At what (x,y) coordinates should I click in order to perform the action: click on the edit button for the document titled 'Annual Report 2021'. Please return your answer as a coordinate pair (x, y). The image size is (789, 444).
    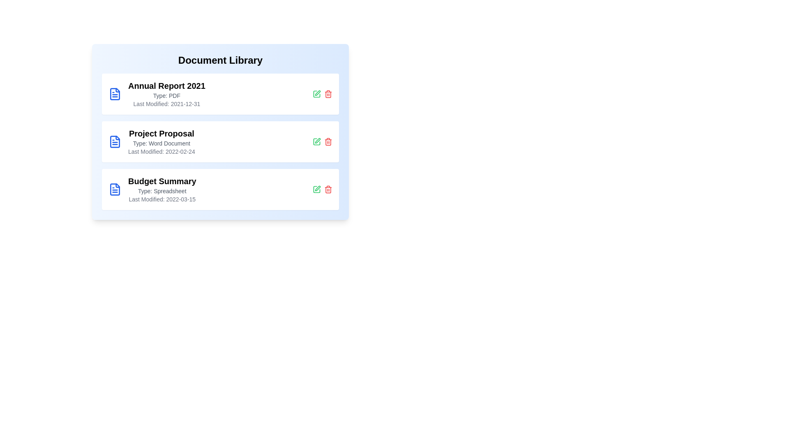
    Looking at the image, I should click on (316, 93).